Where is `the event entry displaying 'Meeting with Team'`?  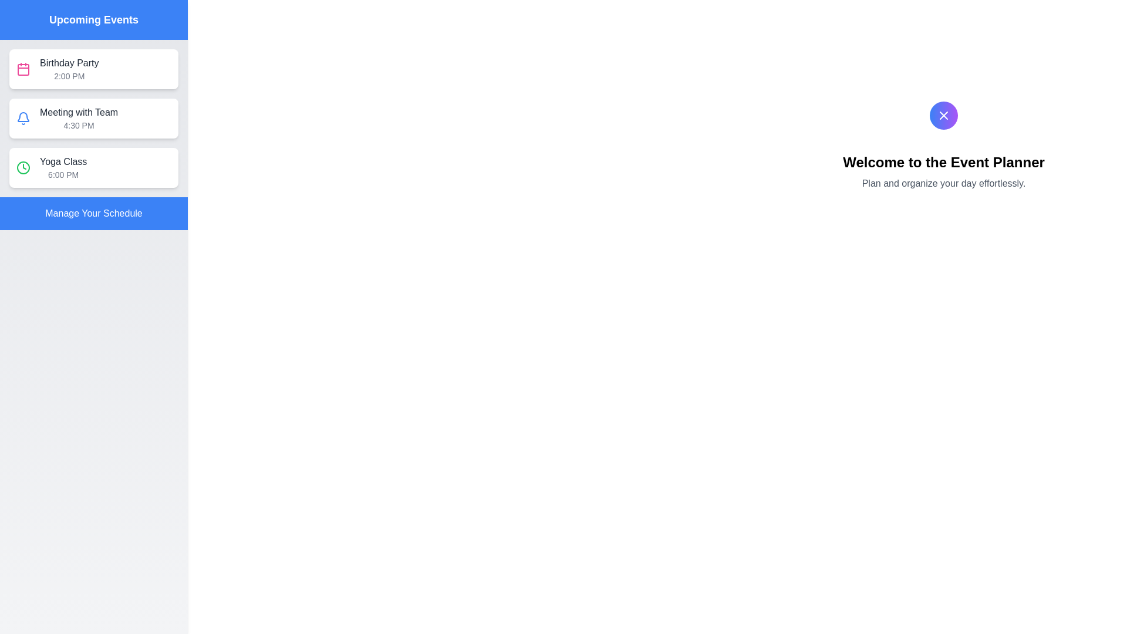
the event entry displaying 'Meeting with Team' is located at coordinates (78, 118).